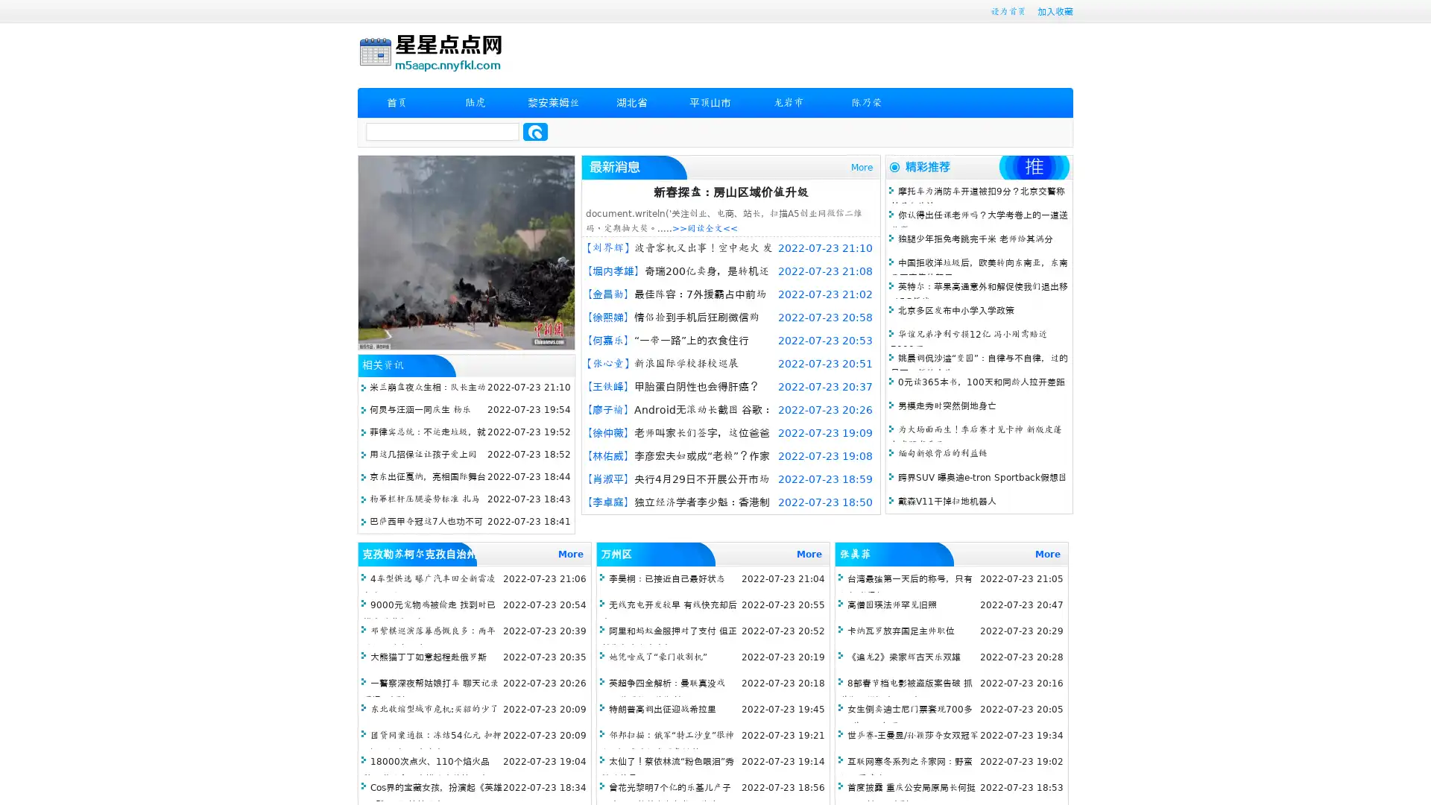 Image resolution: width=1431 pixels, height=805 pixels. What do you see at coordinates (535, 131) in the screenshot?
I see `Search` at bounding box center [535, 131].